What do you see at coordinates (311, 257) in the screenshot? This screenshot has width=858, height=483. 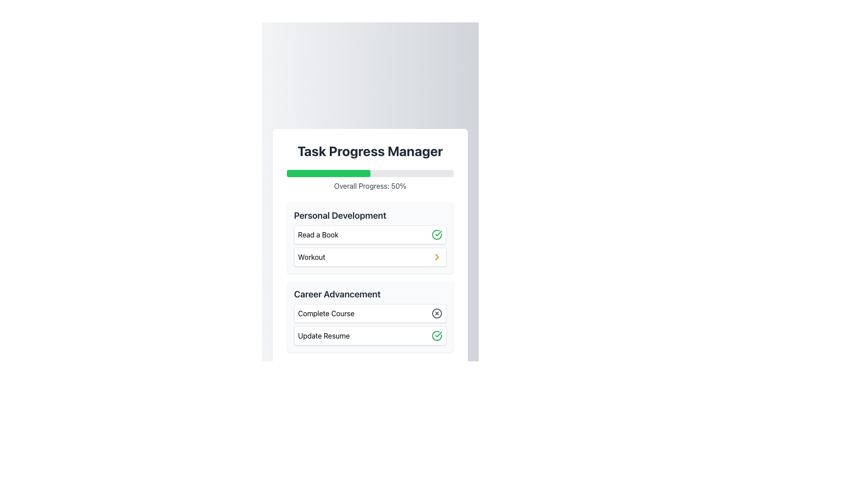 I see `the 'Workout' text label within the 'Personal Development' card, located below the 'Read a Book' task` at bounding box center [311, 257].